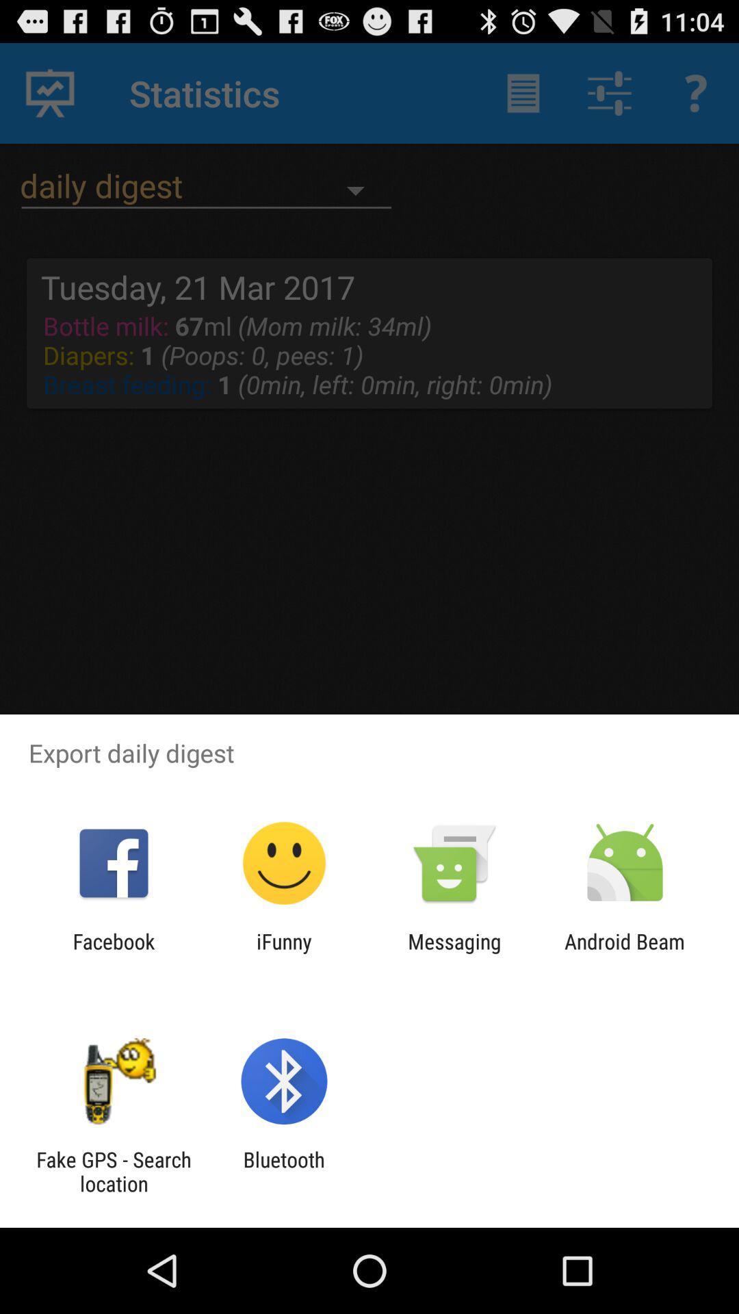  Describe the element at coordinates (454, 953) in the screenshot. I see `the messaging item` at that location.